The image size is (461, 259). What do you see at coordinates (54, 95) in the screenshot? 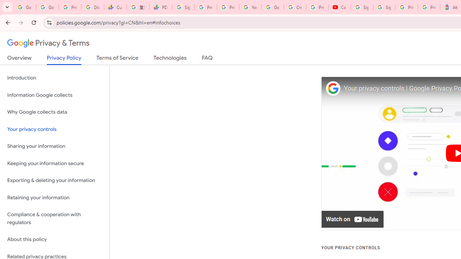
I see `'Information Google collects'` at bounding box center [54, 95].